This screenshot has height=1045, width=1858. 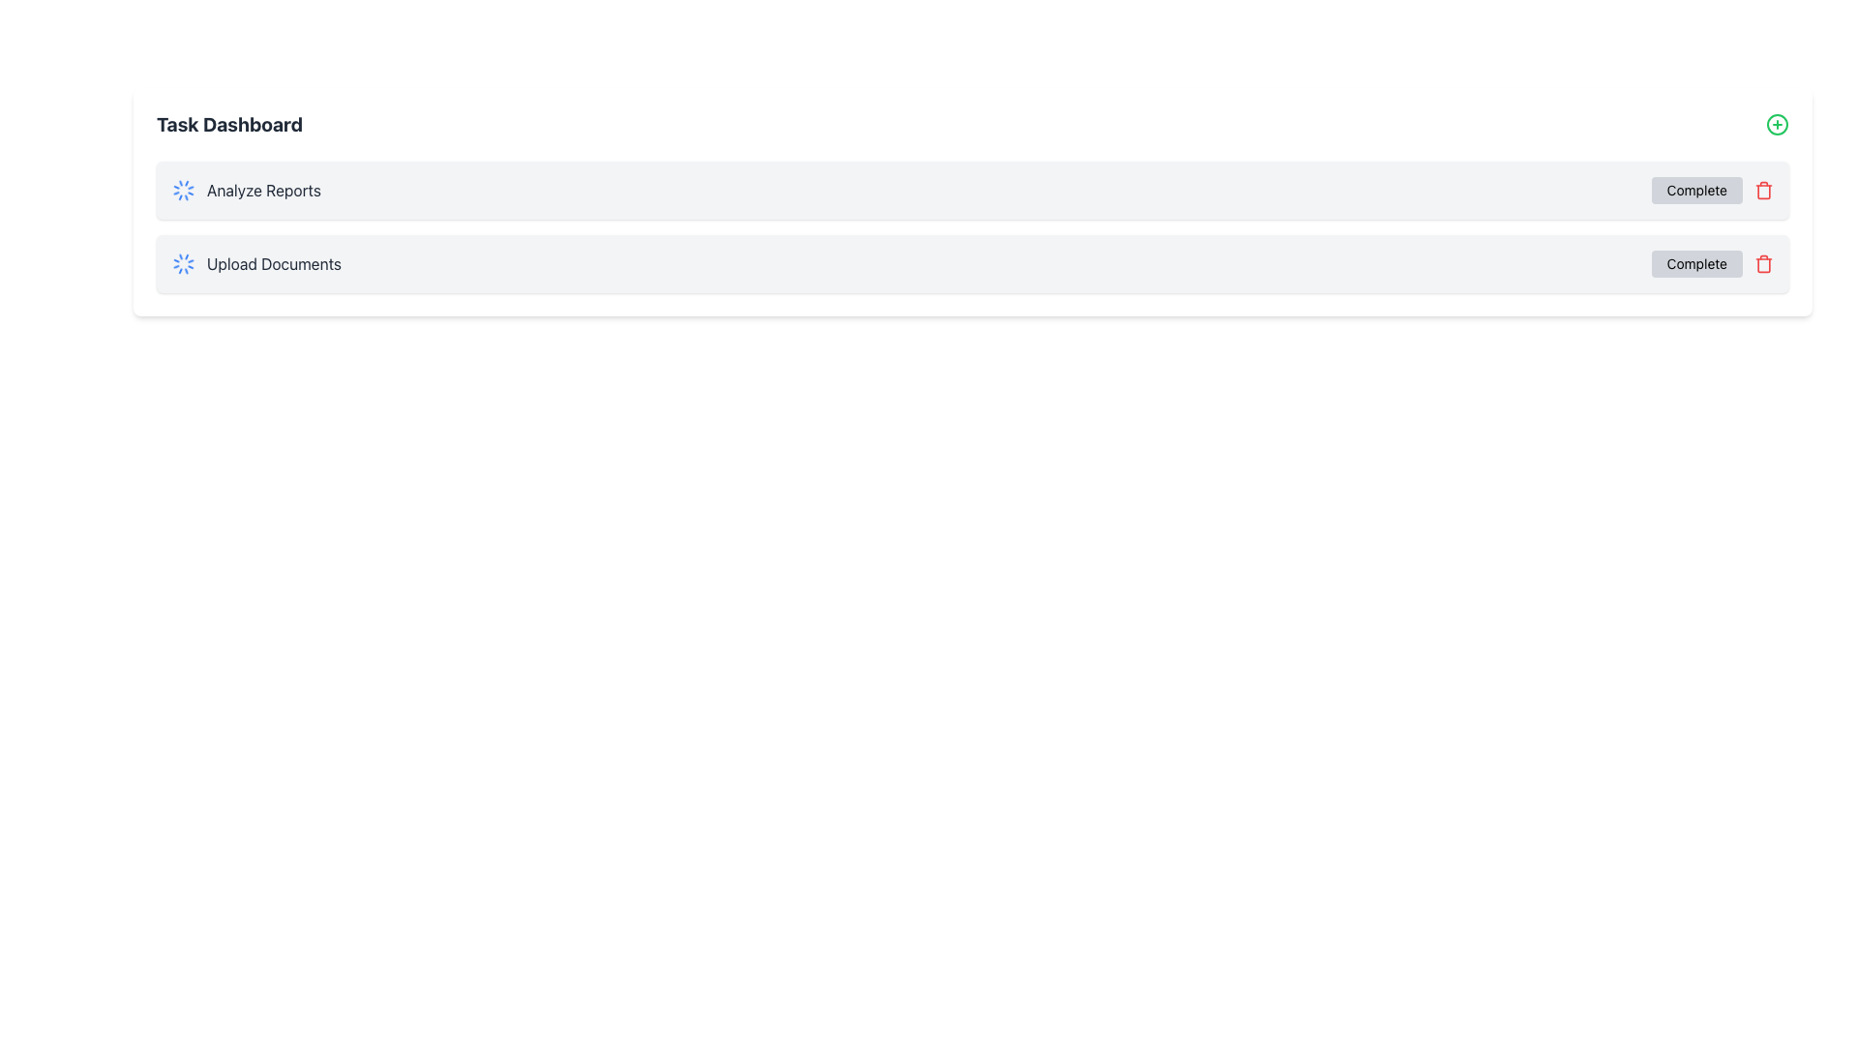 What do you see at coordinates (973, 264) in the screenshot?
I see `the 'Complete' button of the task labeled 'Upload Documents' in the task list to mark it as done` at bounding box center [973, 264].